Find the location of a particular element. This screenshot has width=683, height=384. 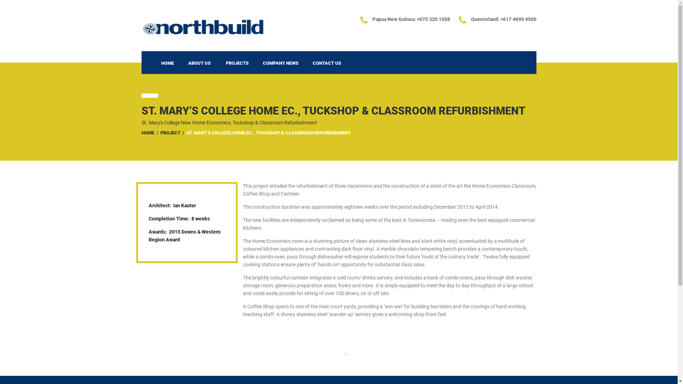

'PROJECT' is located at coordinates (170, 133).